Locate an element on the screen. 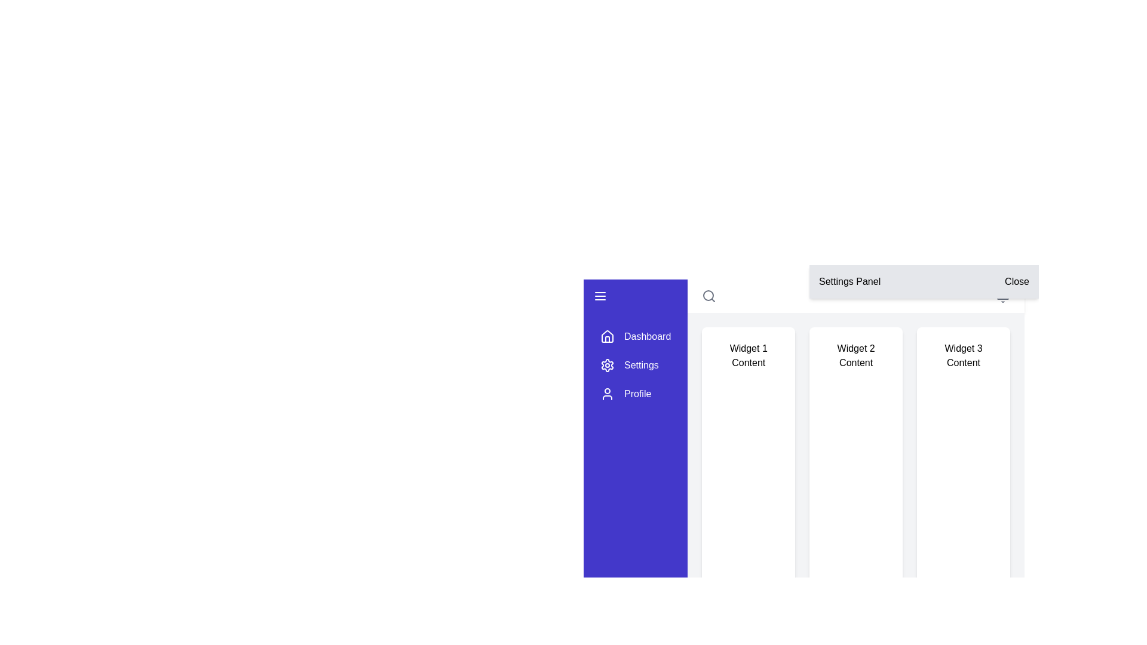  the second menu item in the navigation menu is located at coordinates (635, 365).